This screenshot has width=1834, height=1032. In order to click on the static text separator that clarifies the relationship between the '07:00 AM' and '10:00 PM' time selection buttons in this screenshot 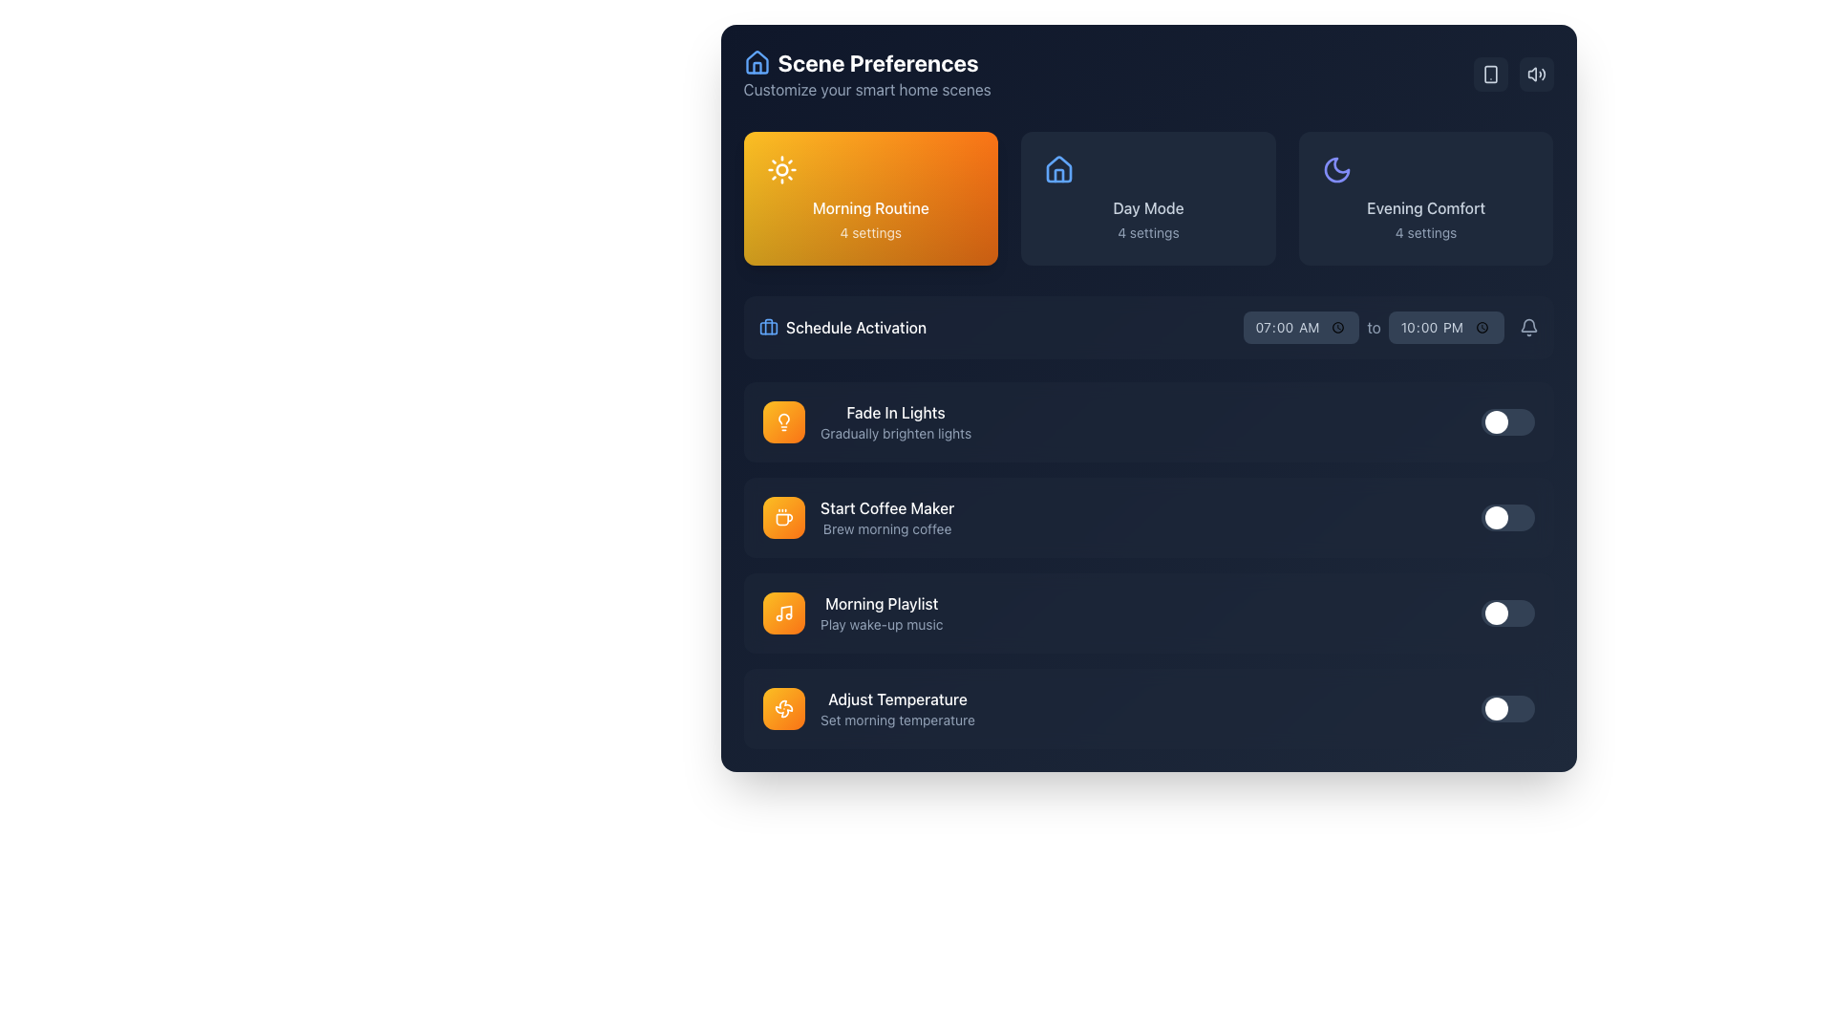, I will do `click(1373, 327)`.